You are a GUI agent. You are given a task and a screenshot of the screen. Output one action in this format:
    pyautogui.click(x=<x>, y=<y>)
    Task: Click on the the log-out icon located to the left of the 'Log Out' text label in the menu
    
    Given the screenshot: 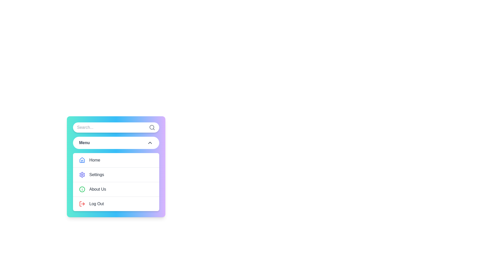 What is the action you would take?
    pyautogui.click(x=82, y=204)
    